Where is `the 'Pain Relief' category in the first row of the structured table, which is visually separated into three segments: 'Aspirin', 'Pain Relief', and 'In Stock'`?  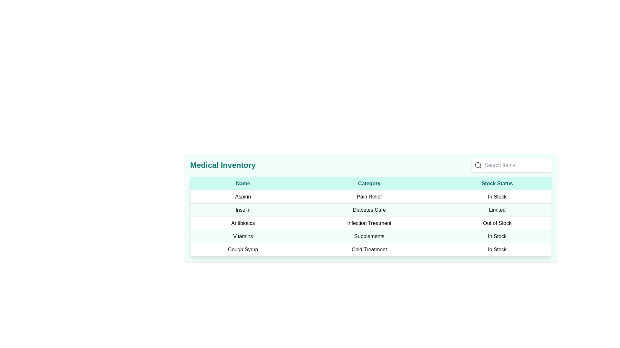
the 'Pain Relief' category in the first row of the structured table, which is visually separated into three segments: 'Aspirin', 'Pain Relief', and 'In Stock' is located at coordinates (371, 196).